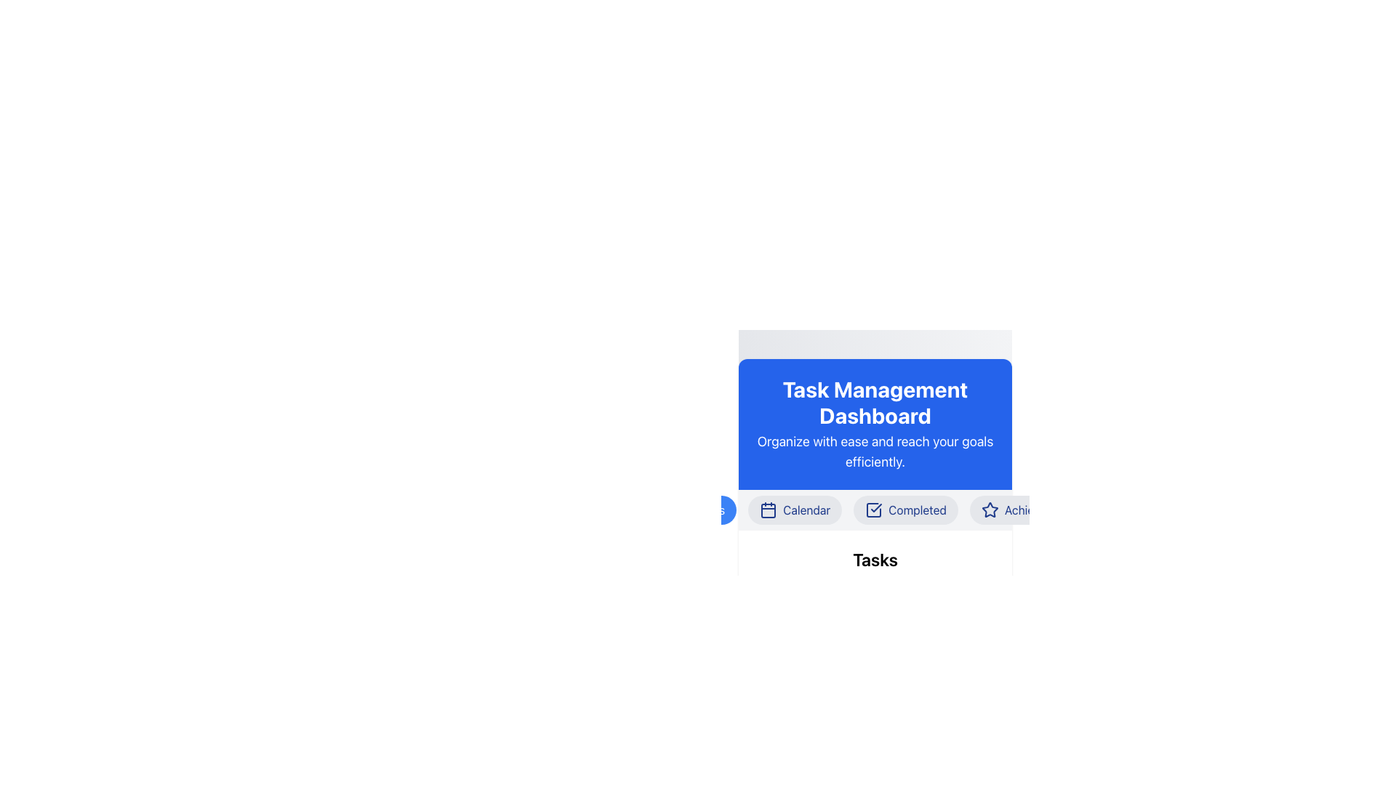 The width and height of the screenshot is (1396, 785). What do you see at coordinates (989, 509) in the screenshot?
I see `the star icon located on the far right side of the group of interactive icons in the Task Management Dashboard` at bounding box center [989, 509].